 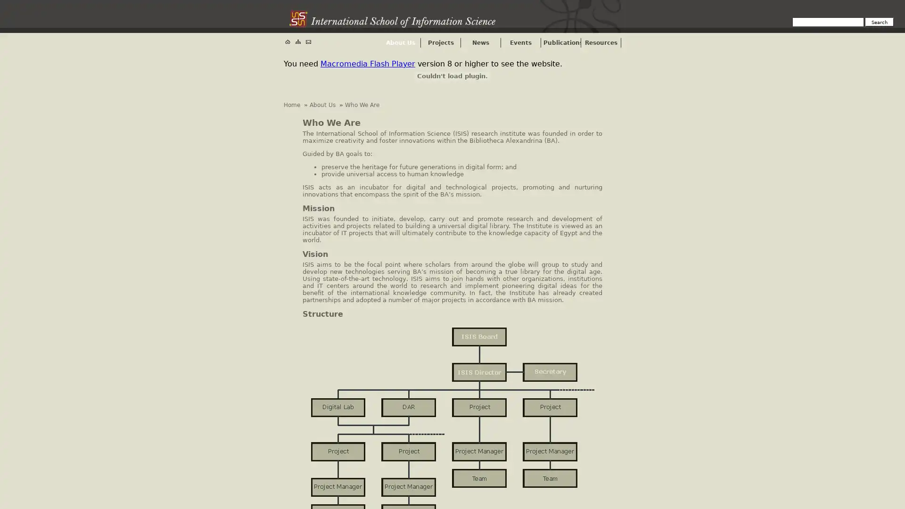 I want to click on Search, so click(x=879, y=21).